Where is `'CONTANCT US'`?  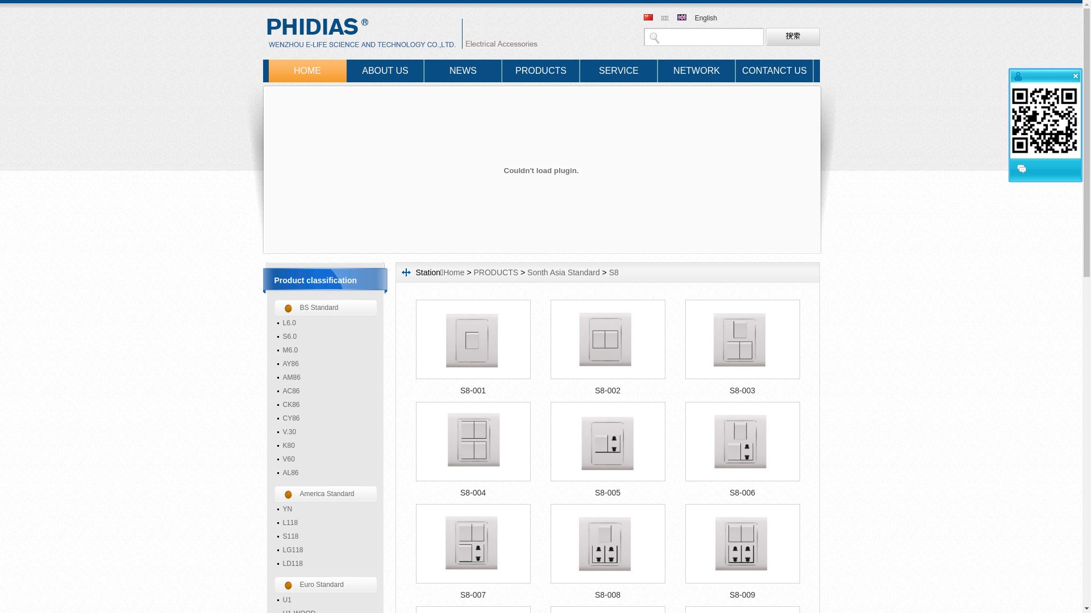
'CONTANCT US' is located at coordinates (773, 70).